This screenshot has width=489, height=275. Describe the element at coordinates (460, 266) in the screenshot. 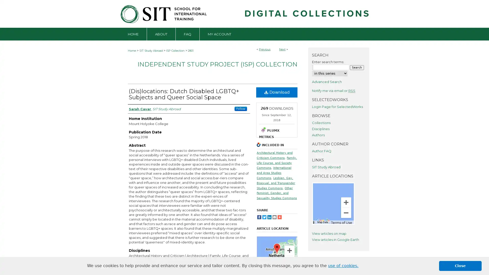

I see `dismiss cookie message` at that location.